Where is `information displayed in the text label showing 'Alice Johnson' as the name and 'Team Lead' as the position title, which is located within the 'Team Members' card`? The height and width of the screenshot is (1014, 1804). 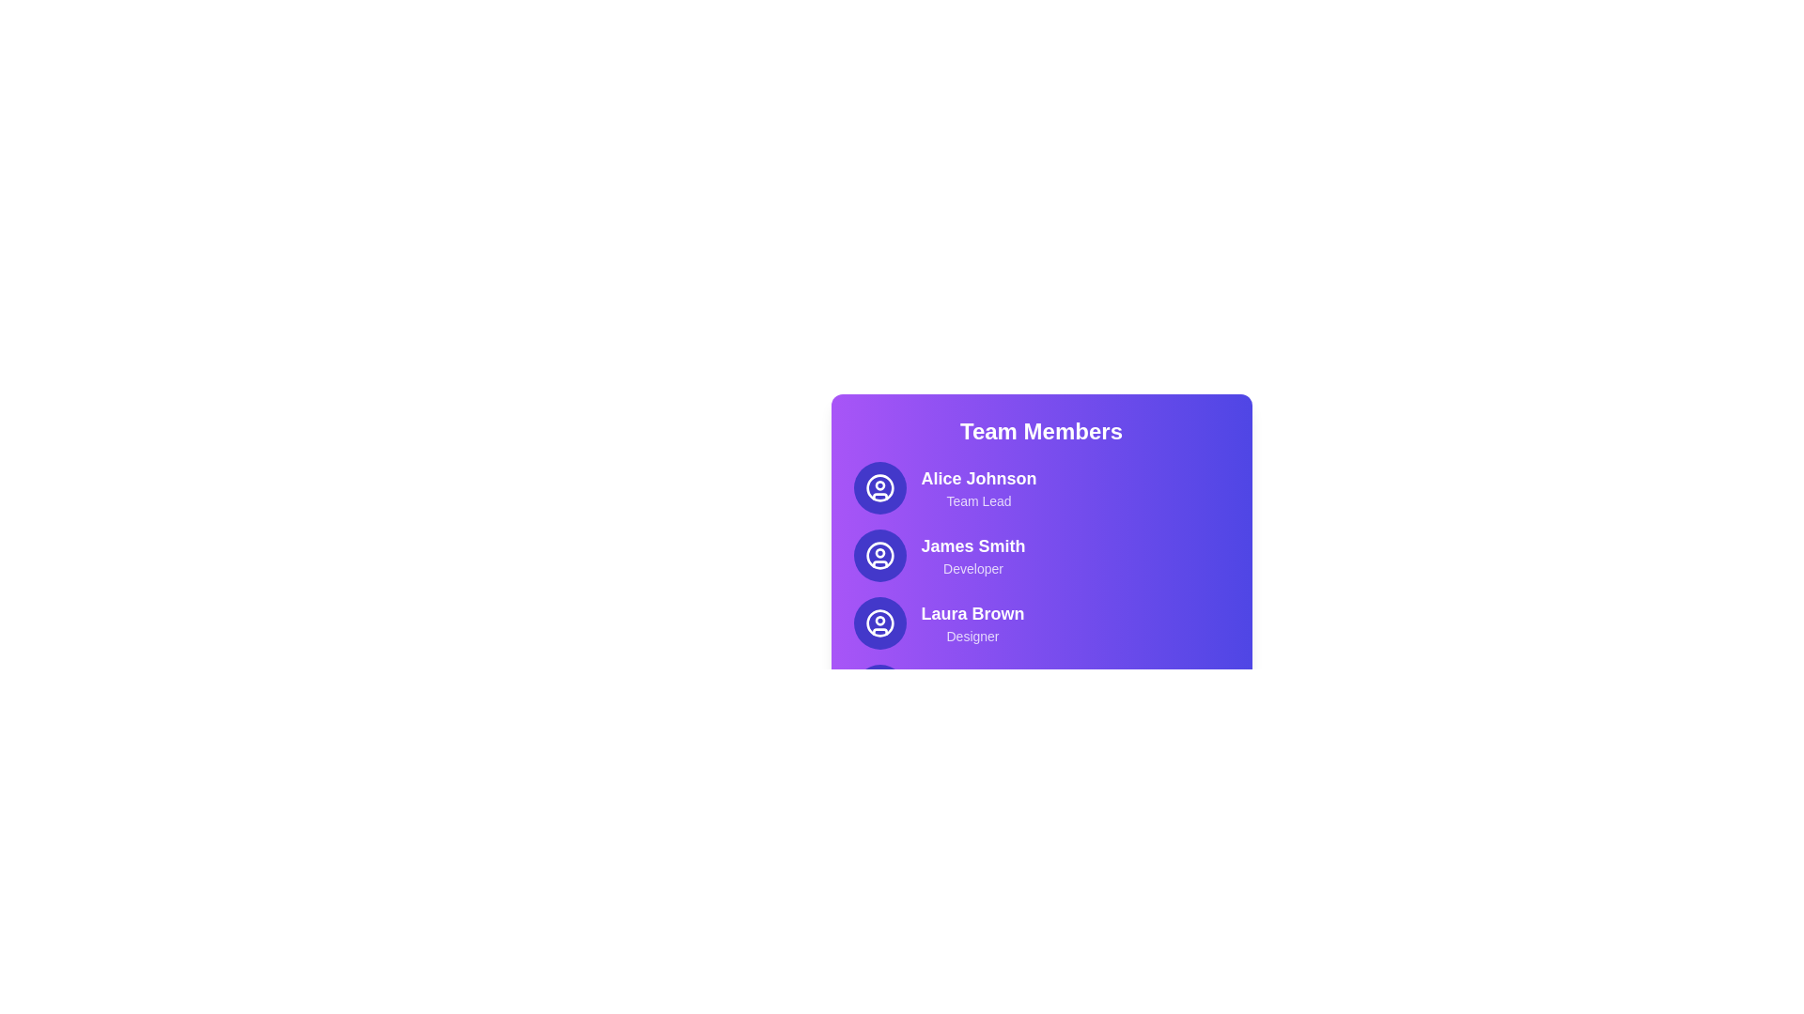
information displayed in the text label showing 'Alice Johnson' as the name and 'Team Lead' as the position title, which is located within the 'Team Members' card is located at coordinates (977, 487).